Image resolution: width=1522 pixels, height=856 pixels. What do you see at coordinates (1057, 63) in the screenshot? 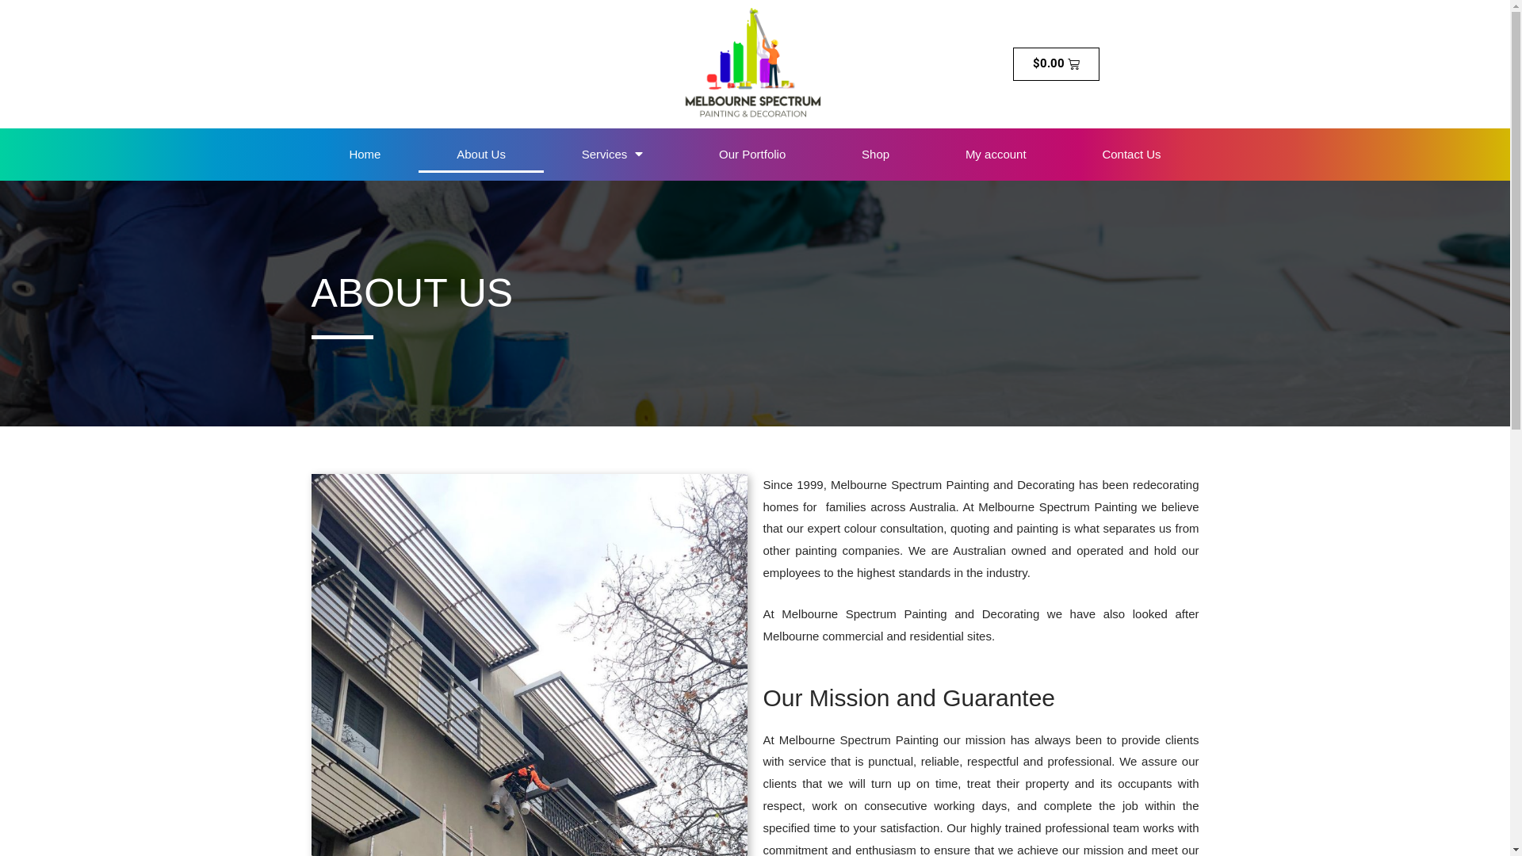
I see `'$0.00'` at bounding box center [1057, 63].